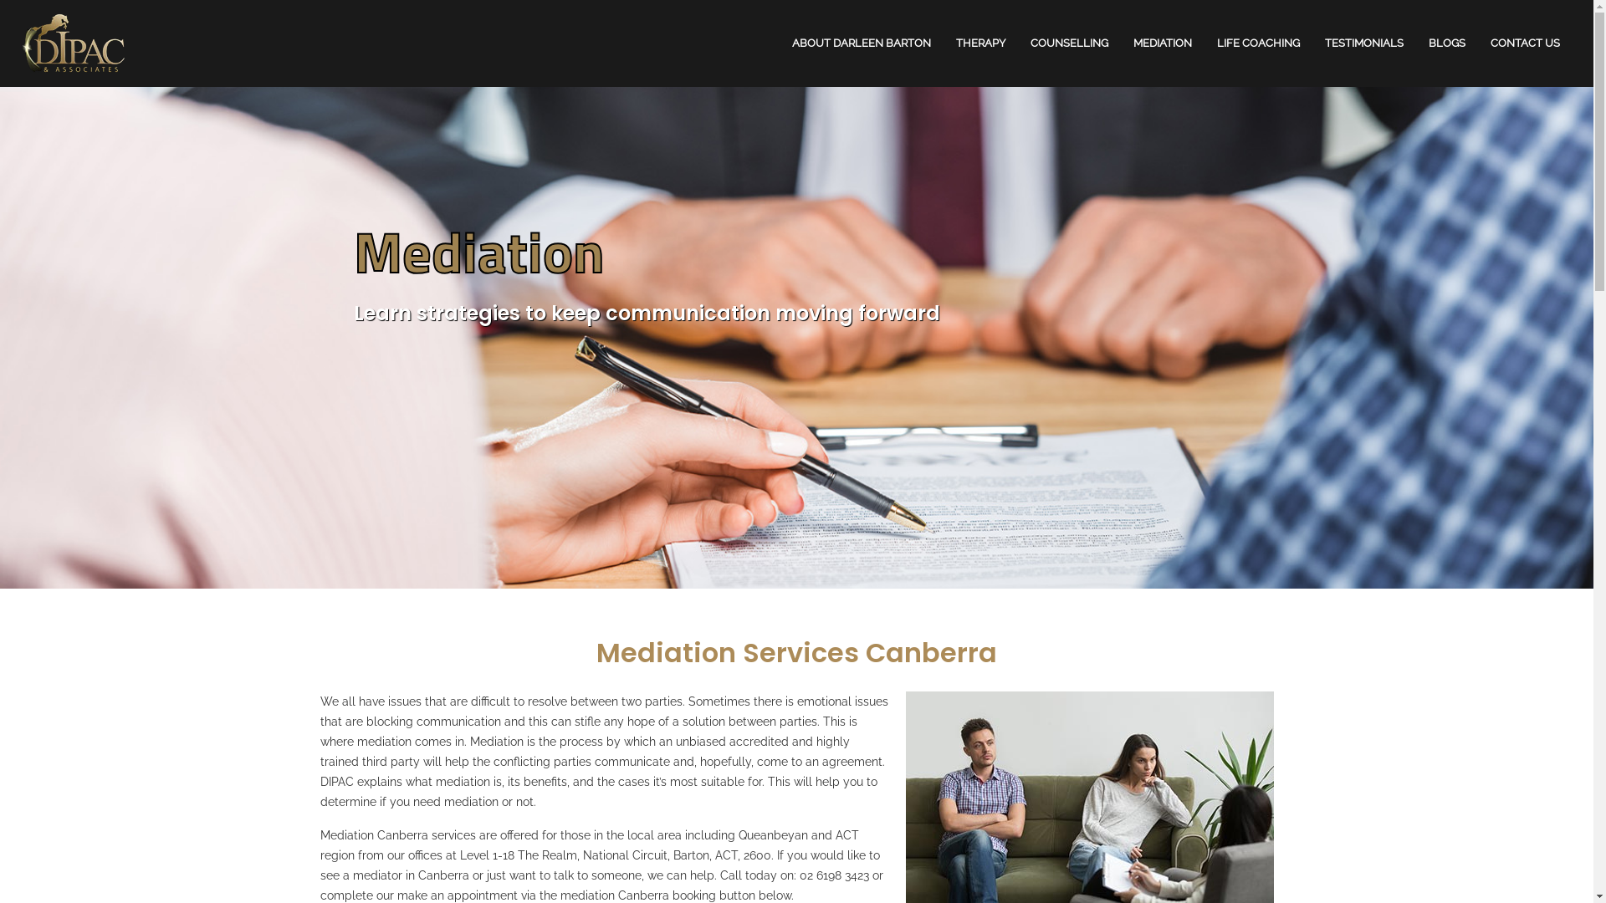  I want to click on 'CONTACT US', so click(1525, 42).